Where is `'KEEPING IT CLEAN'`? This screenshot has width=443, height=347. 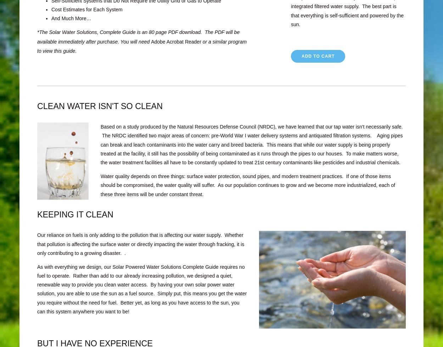
'KEEPING IT CLEAN' is located at coordinates (75, 215).